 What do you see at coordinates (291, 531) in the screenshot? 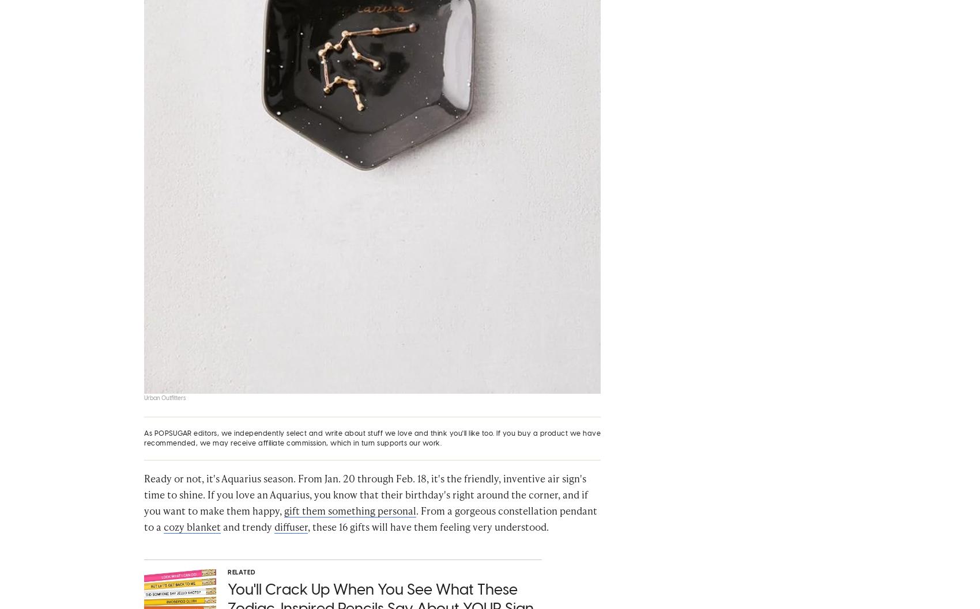
I see `'diffuser'` at bounding box center [291, 531].